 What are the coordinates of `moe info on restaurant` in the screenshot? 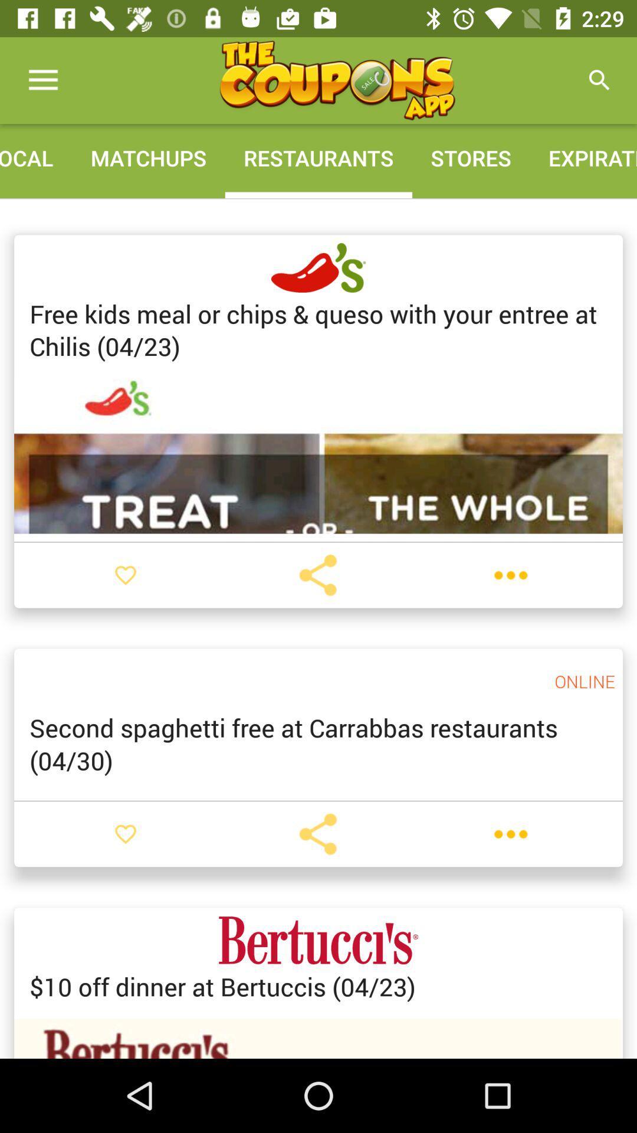 It's located at (510, 833).